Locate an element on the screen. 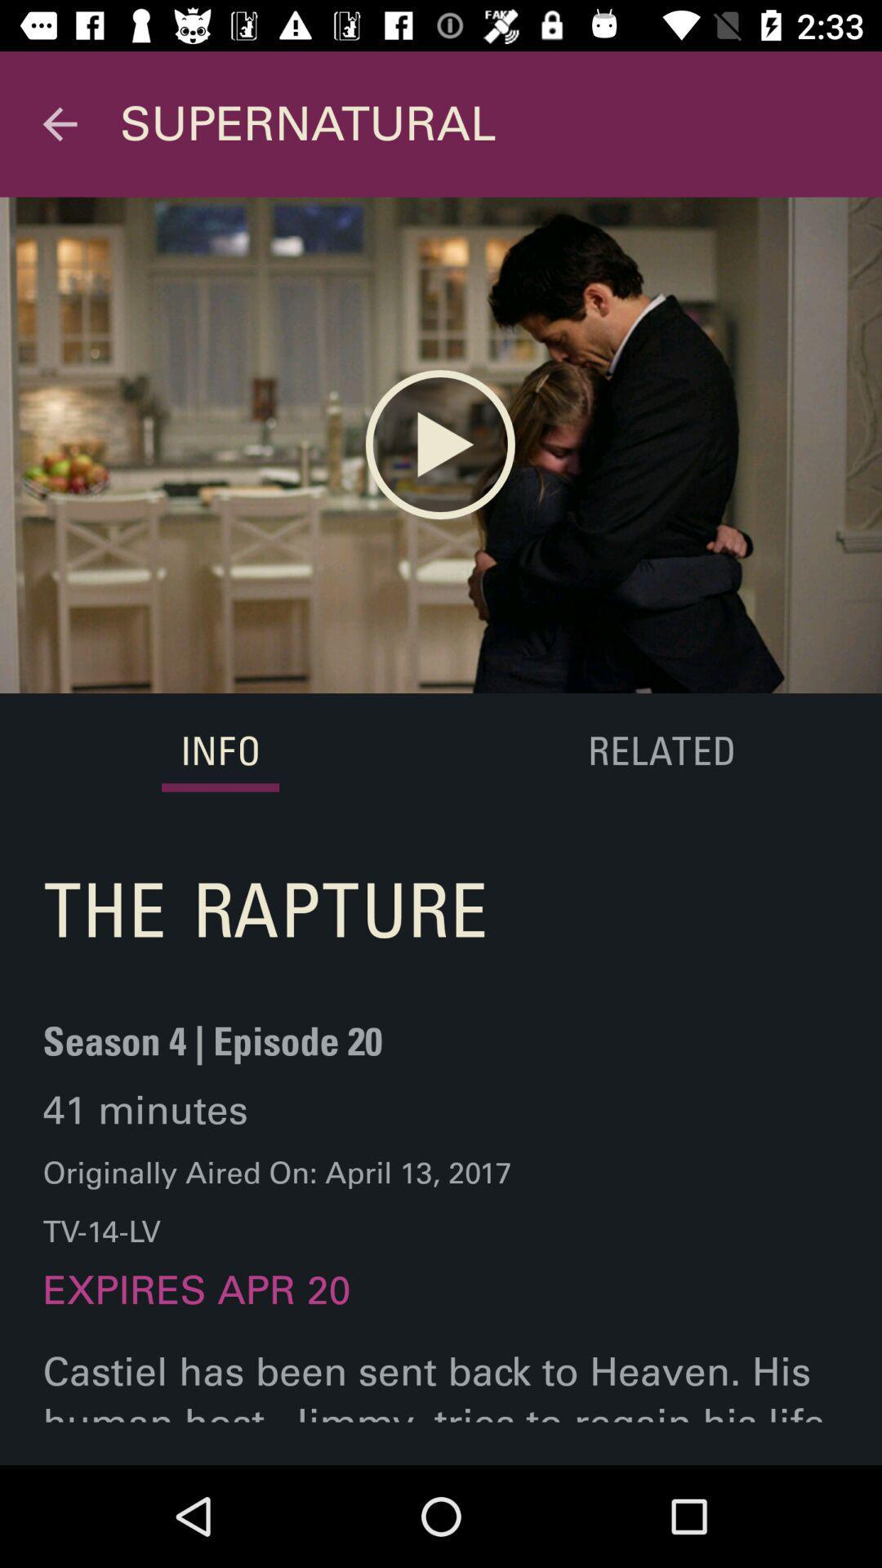 This screenshot has width=882, height=1568. icon to the left of supernatural item is located at coordinates (59, 123).